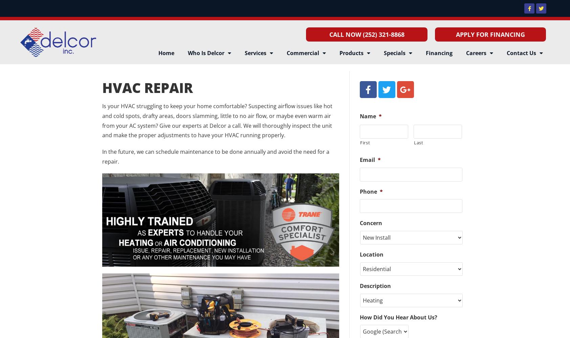 The image size is (570, 338). I want to click on 'Last', so click(418, 142).